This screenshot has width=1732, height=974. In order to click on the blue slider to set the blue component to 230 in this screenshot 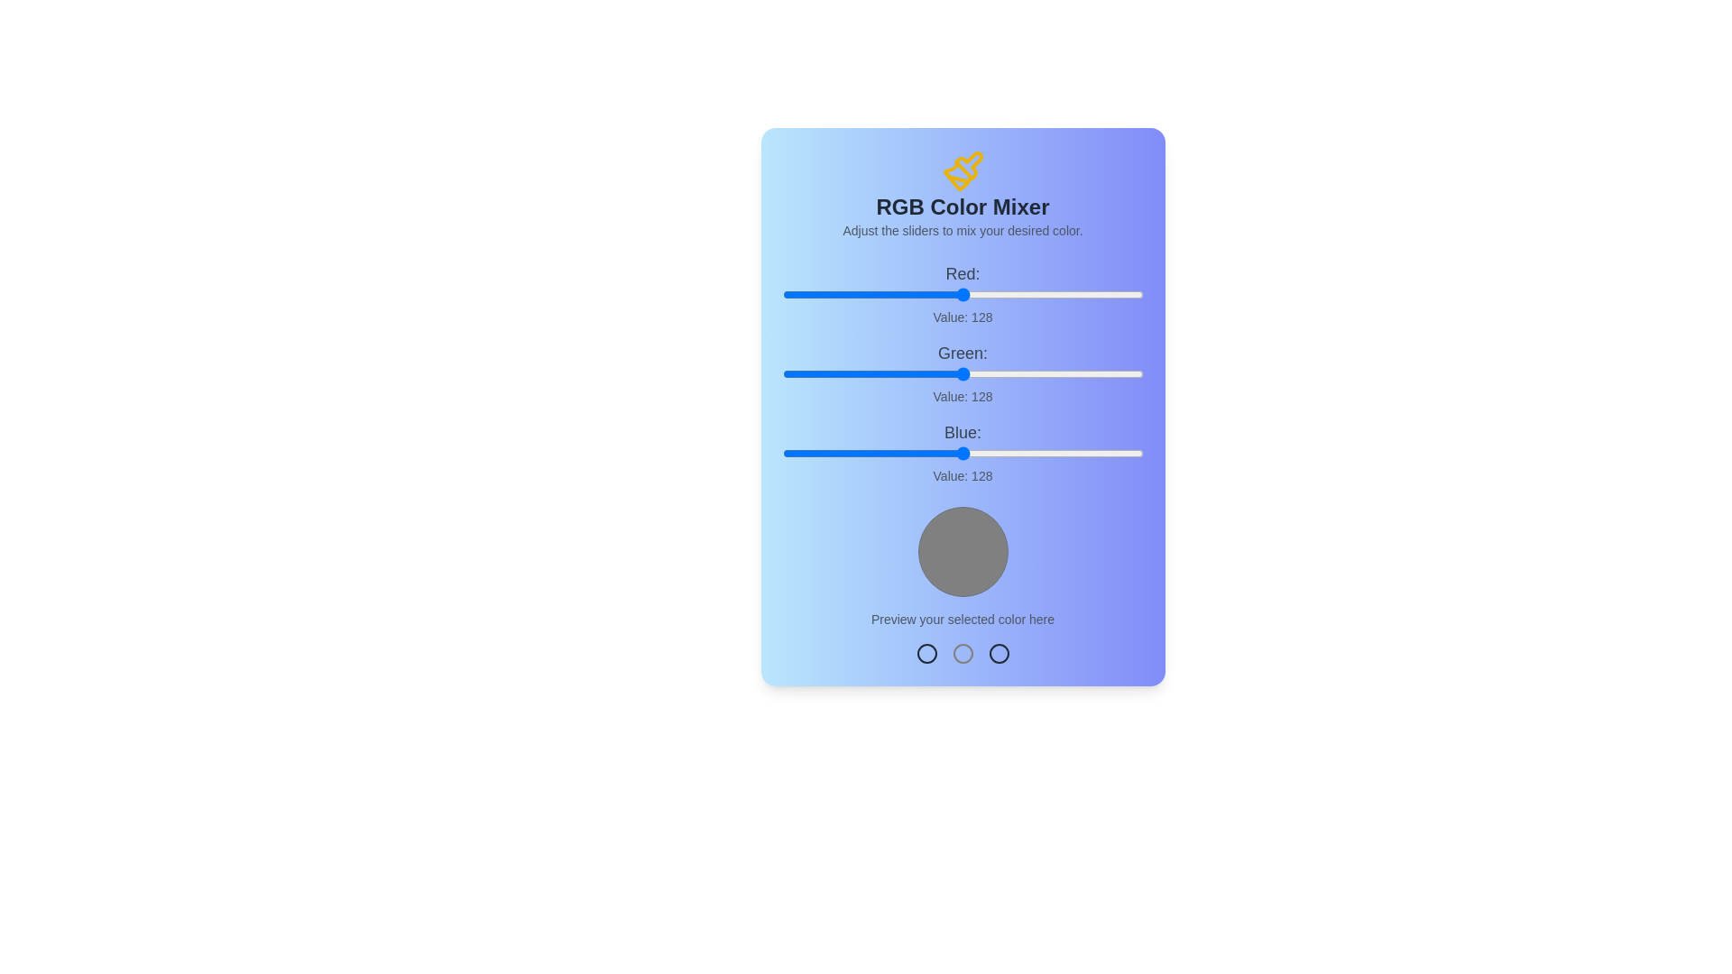, I will do `click(1107, 452)`.